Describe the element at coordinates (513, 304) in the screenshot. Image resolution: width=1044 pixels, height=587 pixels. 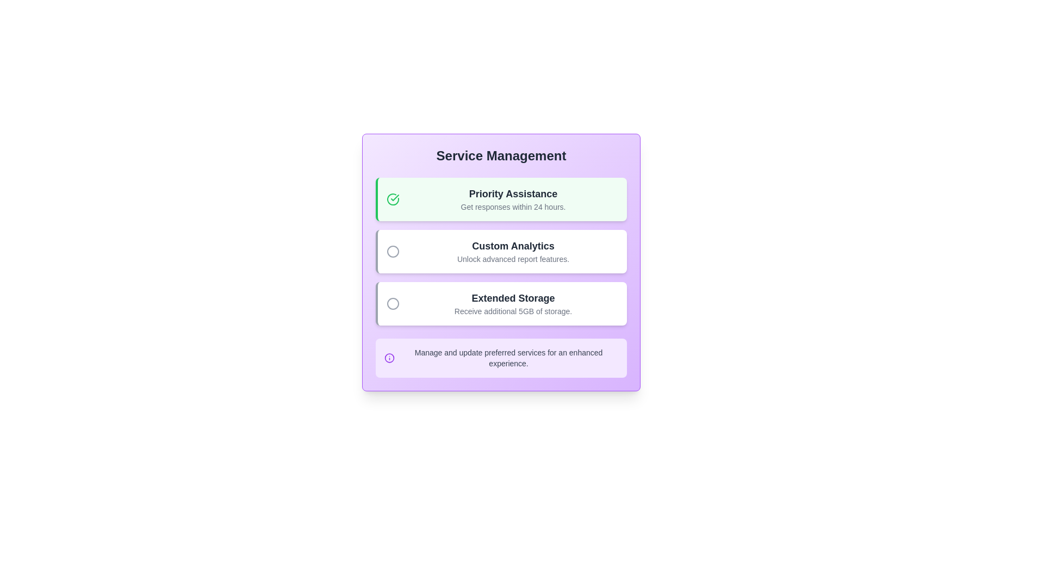
I see `information displayed in the 'Extended Storage' text element, which specifies that it provides an additional 5GB of storage and is part of a selectable card component under 'Service Management'` at that location.